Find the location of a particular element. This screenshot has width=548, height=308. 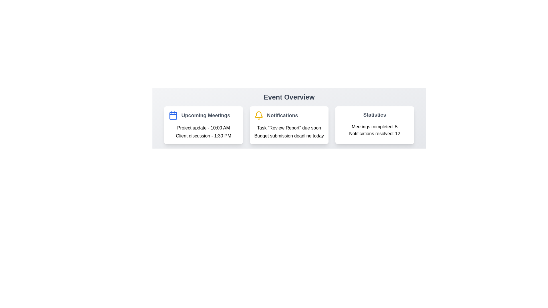

notifications from the Event Overview panel located between the Upcoming Meetings and Statistics panels is located at coordinates (289, 125).